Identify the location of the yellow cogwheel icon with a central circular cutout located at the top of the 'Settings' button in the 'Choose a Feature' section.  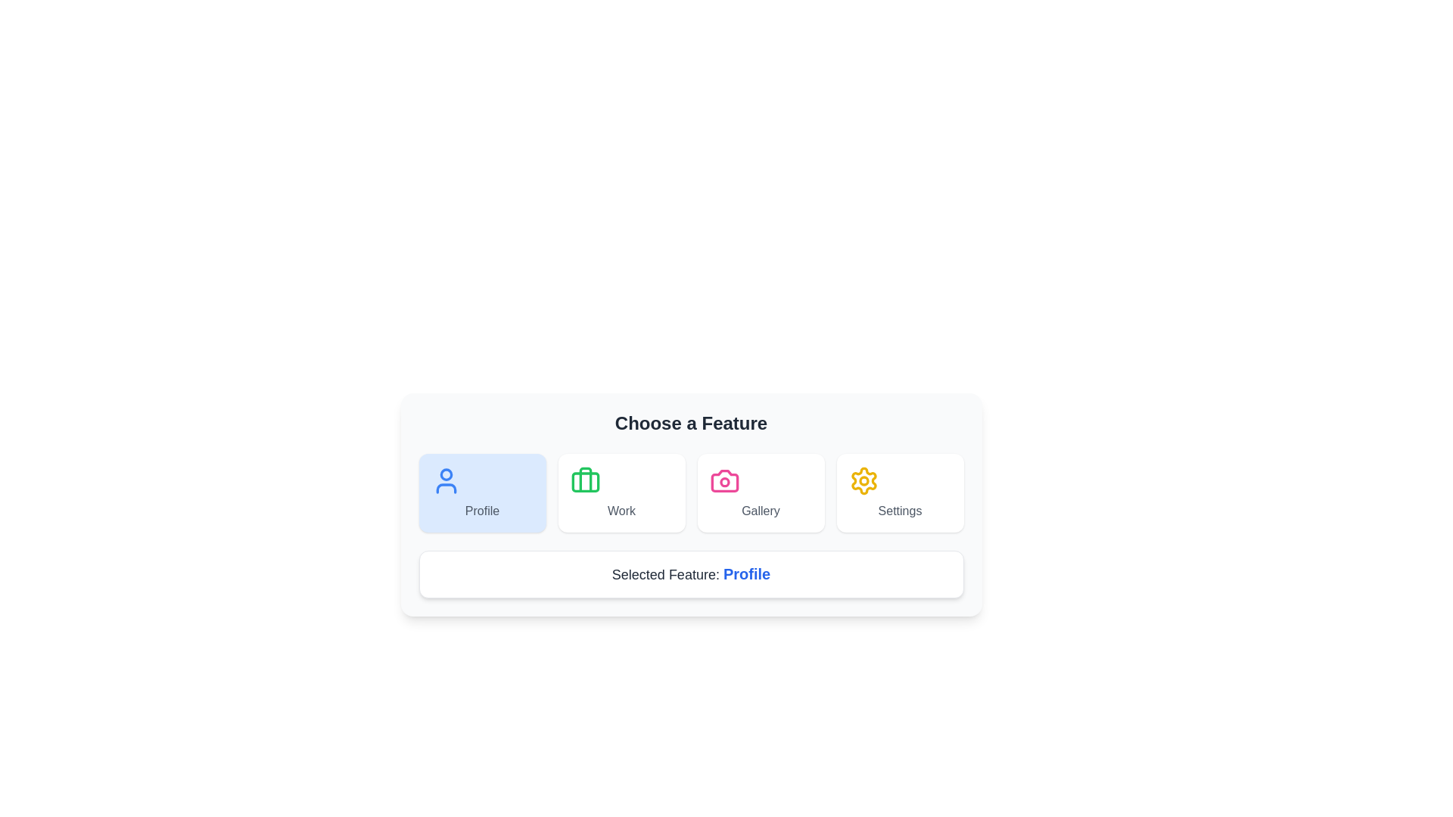
(863, 481).